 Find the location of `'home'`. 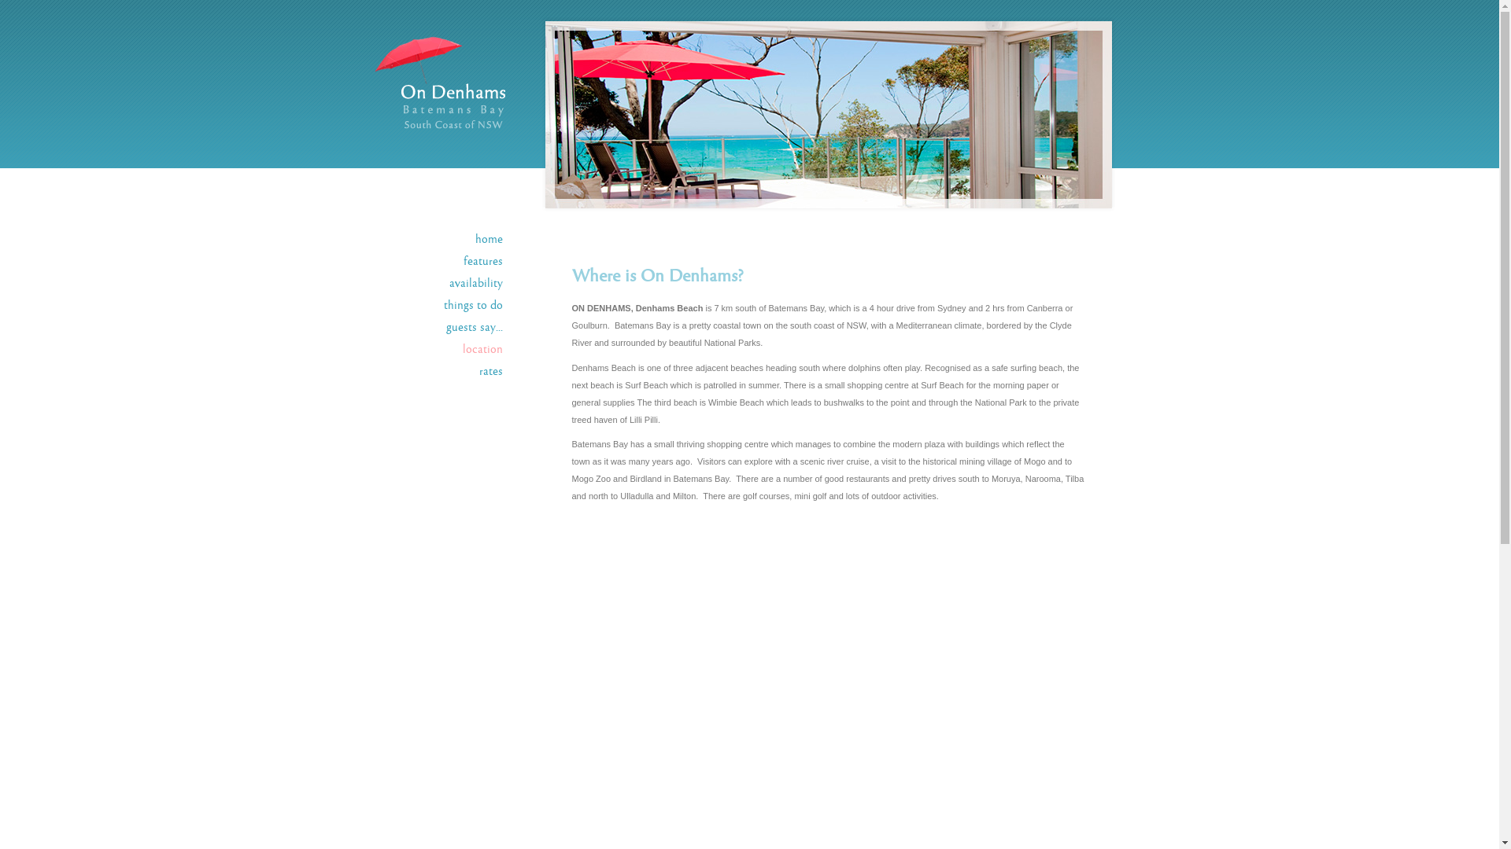

'home' is located at coordinates (488, 239).